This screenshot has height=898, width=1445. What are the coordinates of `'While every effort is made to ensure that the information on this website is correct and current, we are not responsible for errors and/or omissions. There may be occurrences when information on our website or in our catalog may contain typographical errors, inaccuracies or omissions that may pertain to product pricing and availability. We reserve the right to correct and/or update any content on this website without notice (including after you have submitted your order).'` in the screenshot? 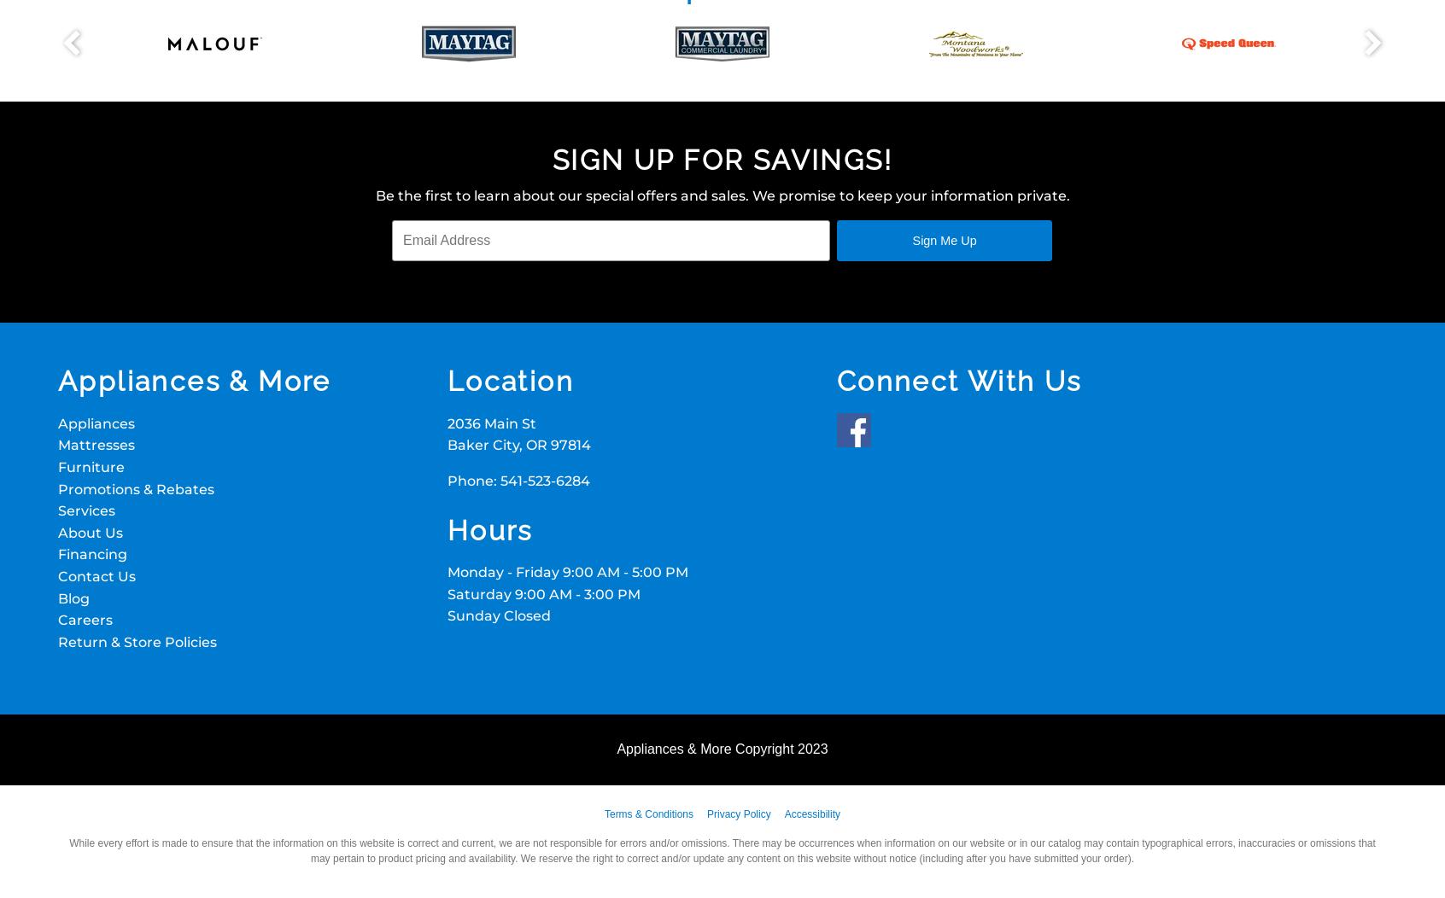 It's located at (722, 850).